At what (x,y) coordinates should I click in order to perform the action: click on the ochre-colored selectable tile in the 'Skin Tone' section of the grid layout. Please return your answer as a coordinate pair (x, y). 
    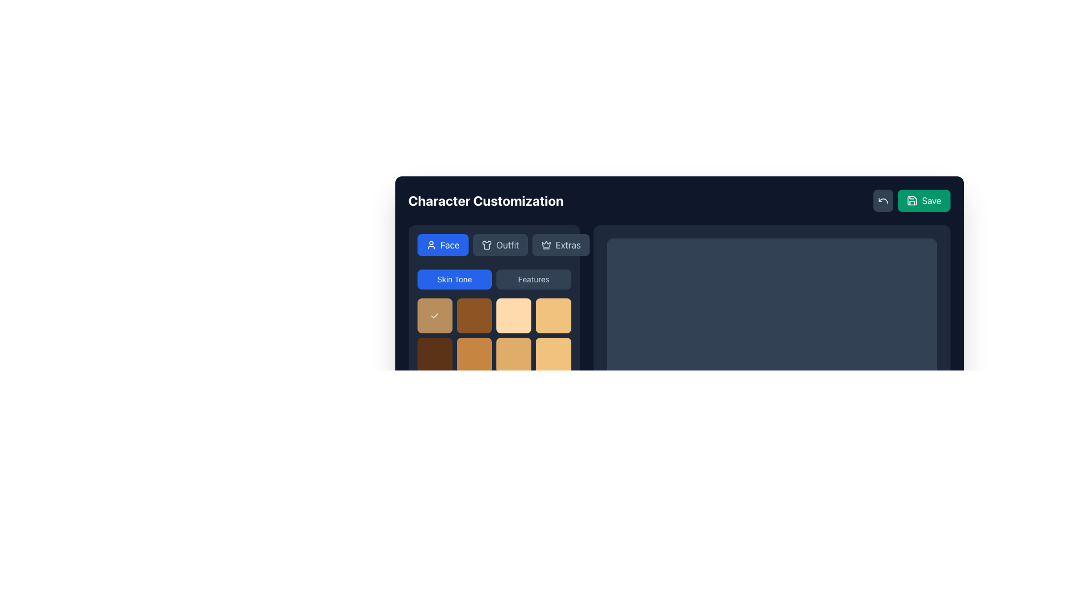
    Looking at the image, I should click on (474, 355).